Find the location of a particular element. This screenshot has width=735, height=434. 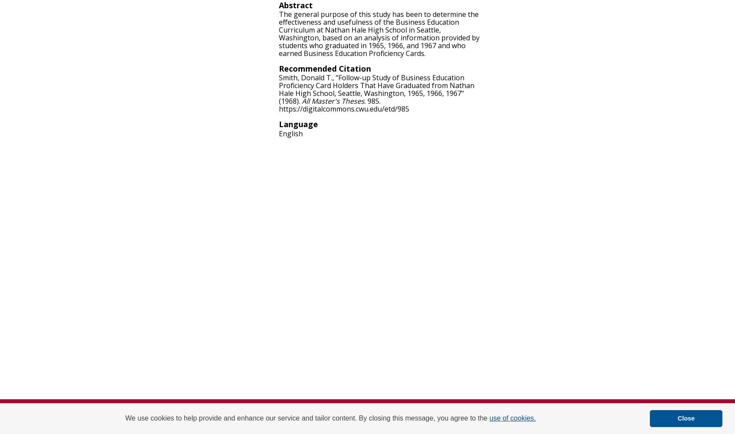

'Smith, Donald T., "Follow-up Study of Business Education Proficiency Card Holders That Have Graduated from Nathan Hale High School, Seattle, Washington, 1965, 1966, 1967" (1968).' is located at coordinates (376, 89).